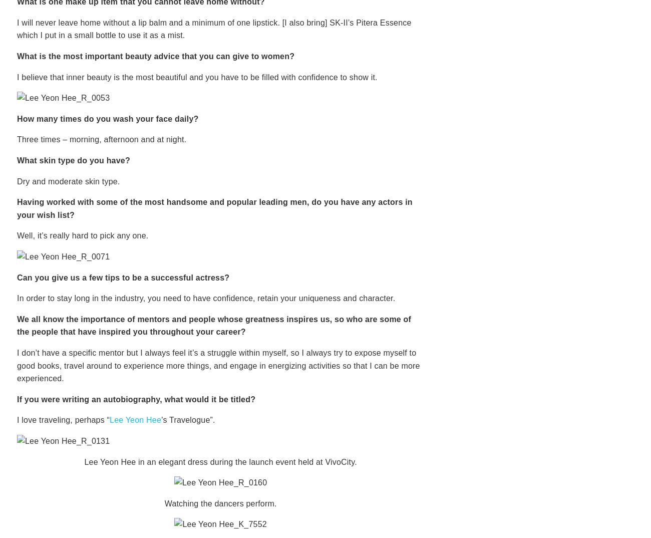 This screenshot has height=538, width=651. Describe the element at coordinates (220, 461) in the screenshot. I see `'Lee Yeon Hee in an elegant dress during the launch event held at VivoCity.'` at that location.